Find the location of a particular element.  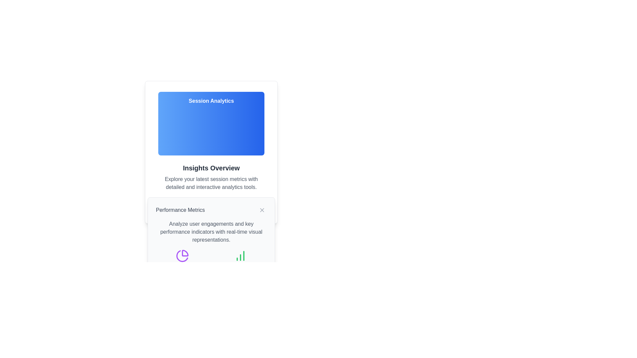

descriptive text label located below the 'Insights Overview' heading in the analytics card layout, which provides context for session metrics tools is located at coordinates (211, 183).